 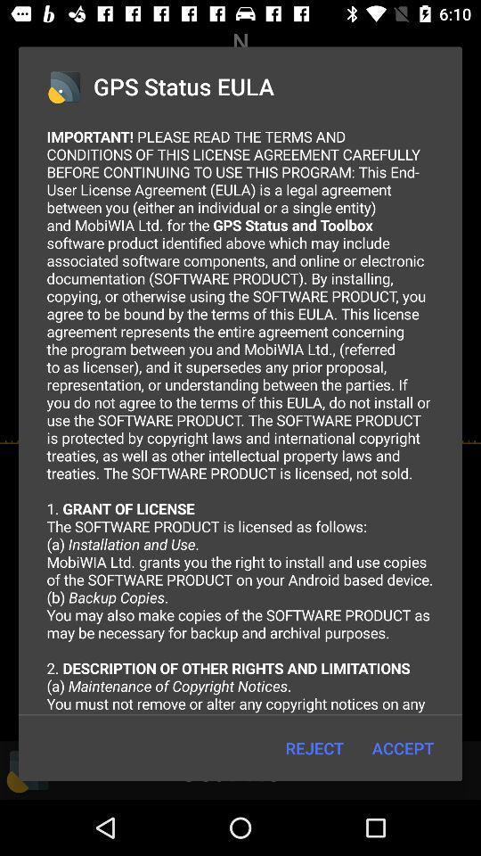 What do you see at coordinates (403, 748) in the screenshot?
I see `the icon to the right of the reject` at bounding box center [403, 748].